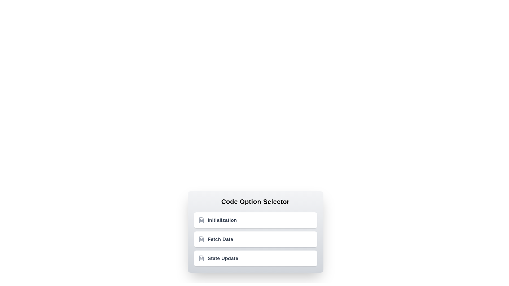 The image size is (509, 286). I want to click on the second block labeled 'Fetch Data' within the 'Code Option Selector' component, which contains similar blocks for selection, so click(255, 231).